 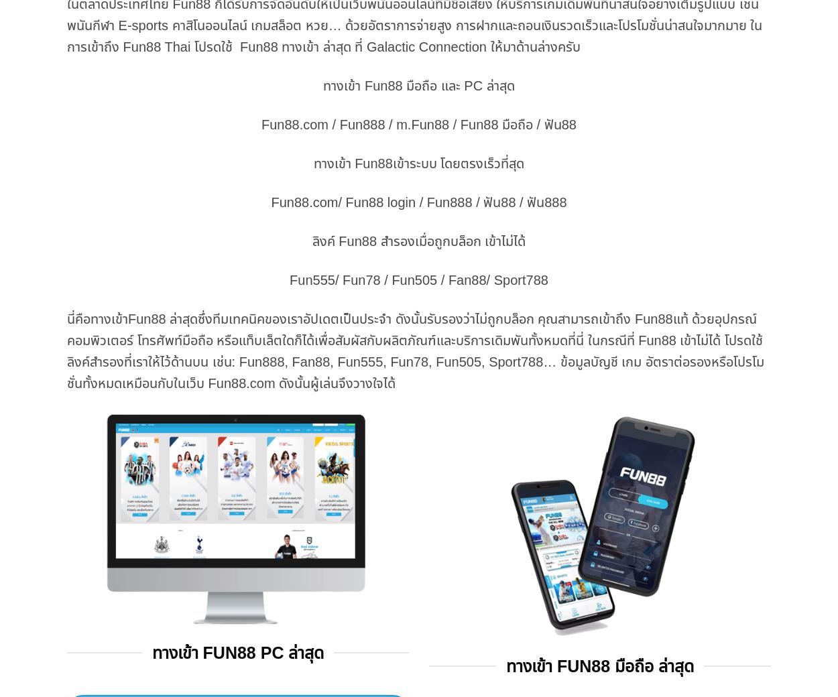 I want to click on 'โปรดใช้  Fun88 ทางเข้า ล่าสุด ที่ Galactic Connection ให้มาด้านล่างครับ', so click(x=190, y=45).